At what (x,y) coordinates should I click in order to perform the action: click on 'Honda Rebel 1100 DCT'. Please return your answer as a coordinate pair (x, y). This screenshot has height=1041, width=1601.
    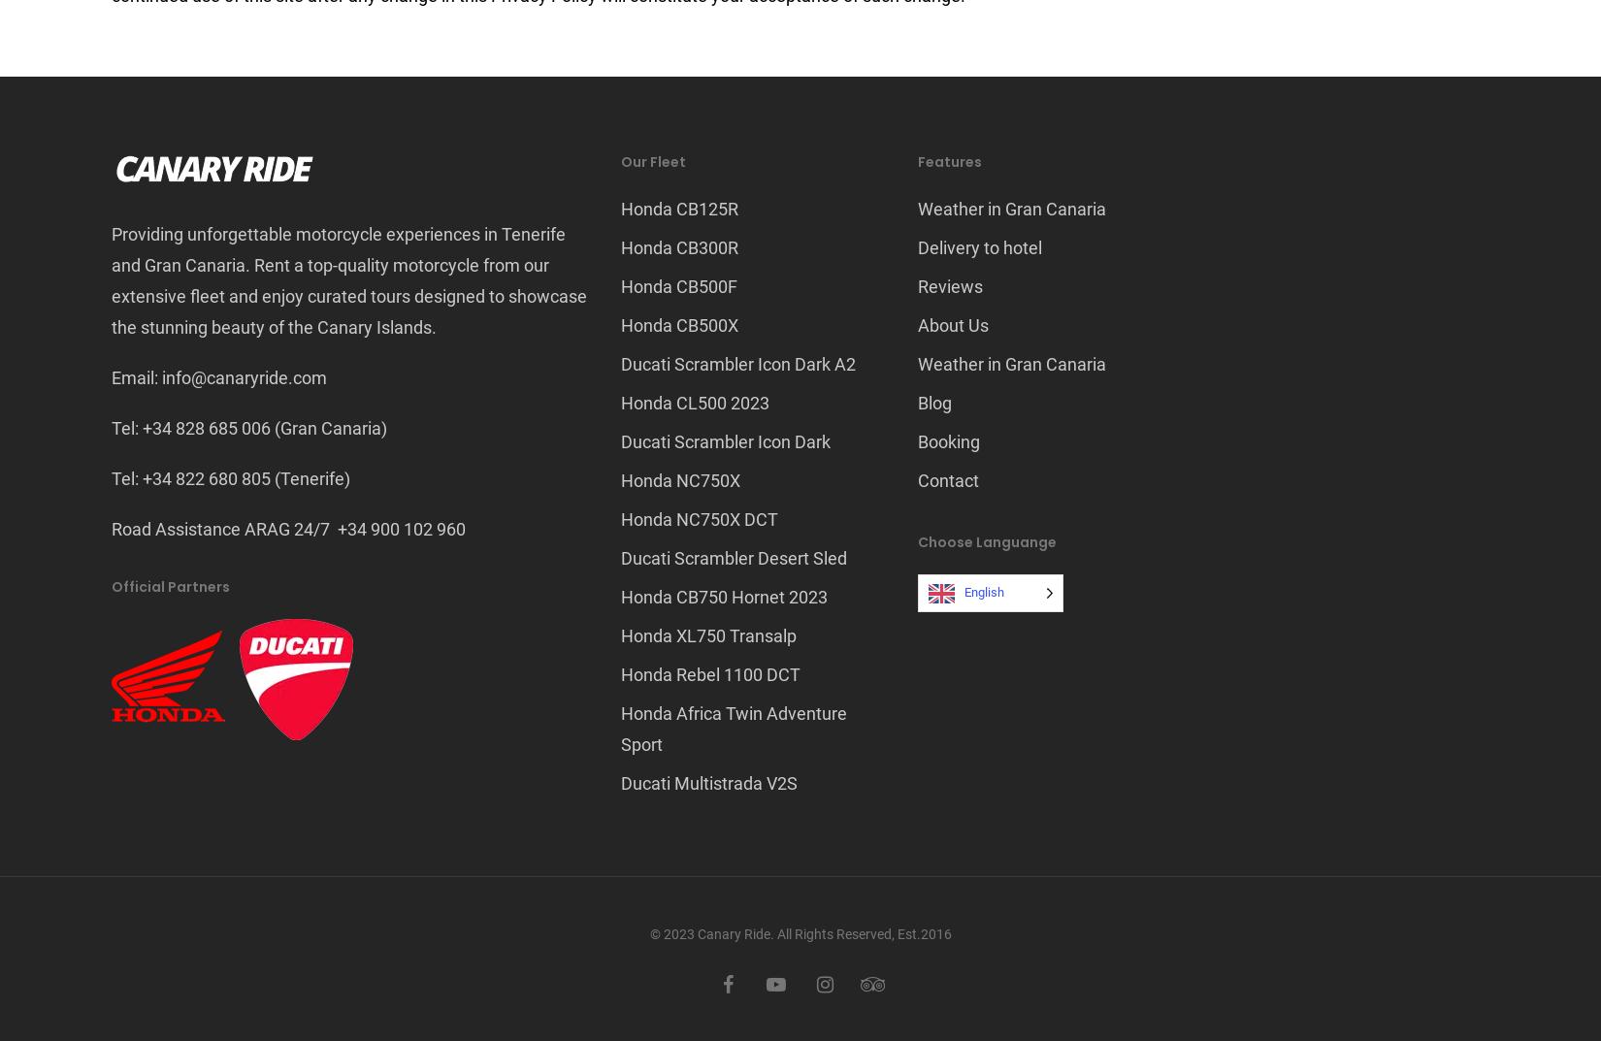
    Looking at the image, I should click on (620, 674).